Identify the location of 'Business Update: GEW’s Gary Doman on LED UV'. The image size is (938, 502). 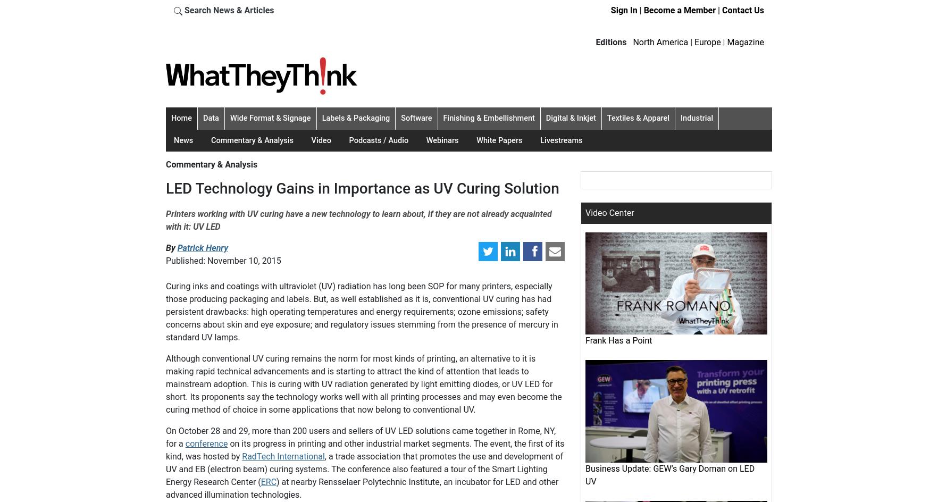
(670, 474).